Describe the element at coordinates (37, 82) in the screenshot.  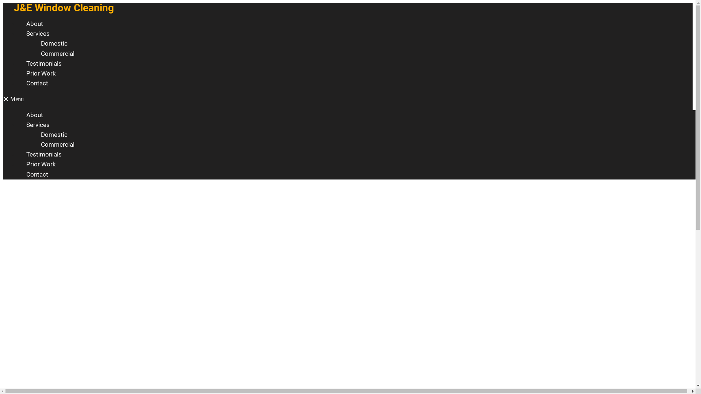
I see `'Contact'` at that location.